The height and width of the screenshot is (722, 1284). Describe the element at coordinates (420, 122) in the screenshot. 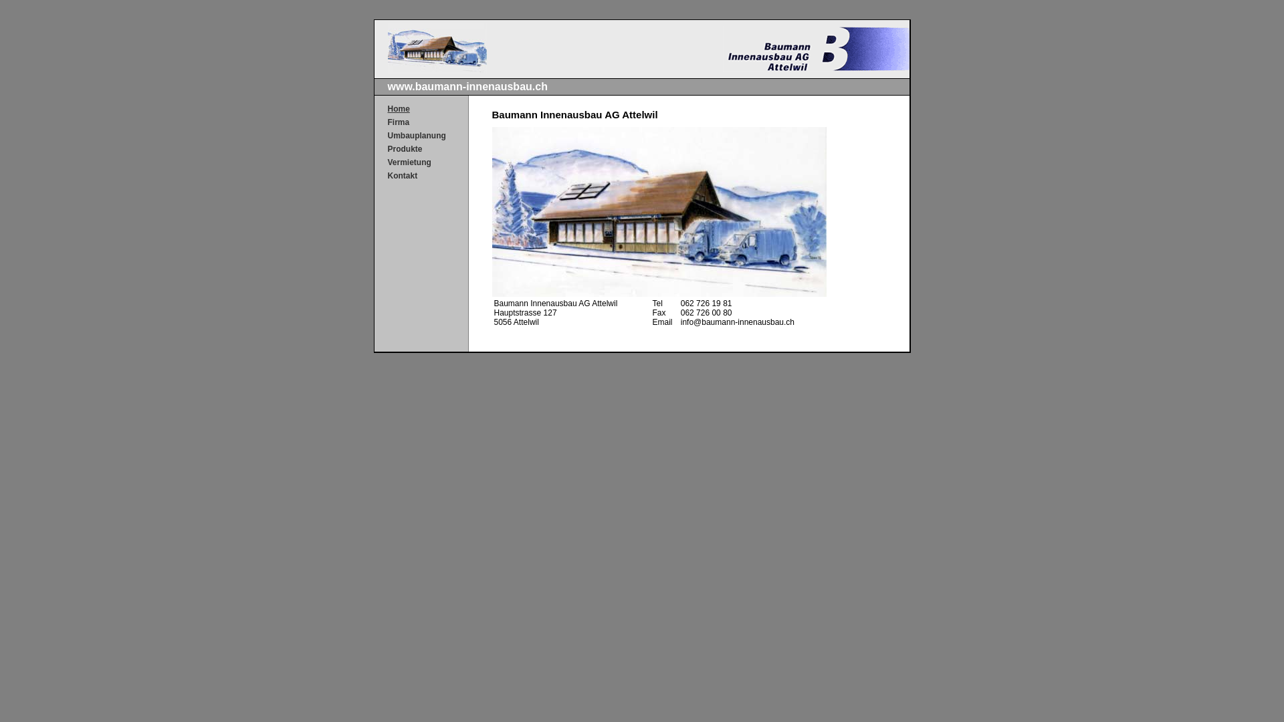

I see `'Firma'` at that location.